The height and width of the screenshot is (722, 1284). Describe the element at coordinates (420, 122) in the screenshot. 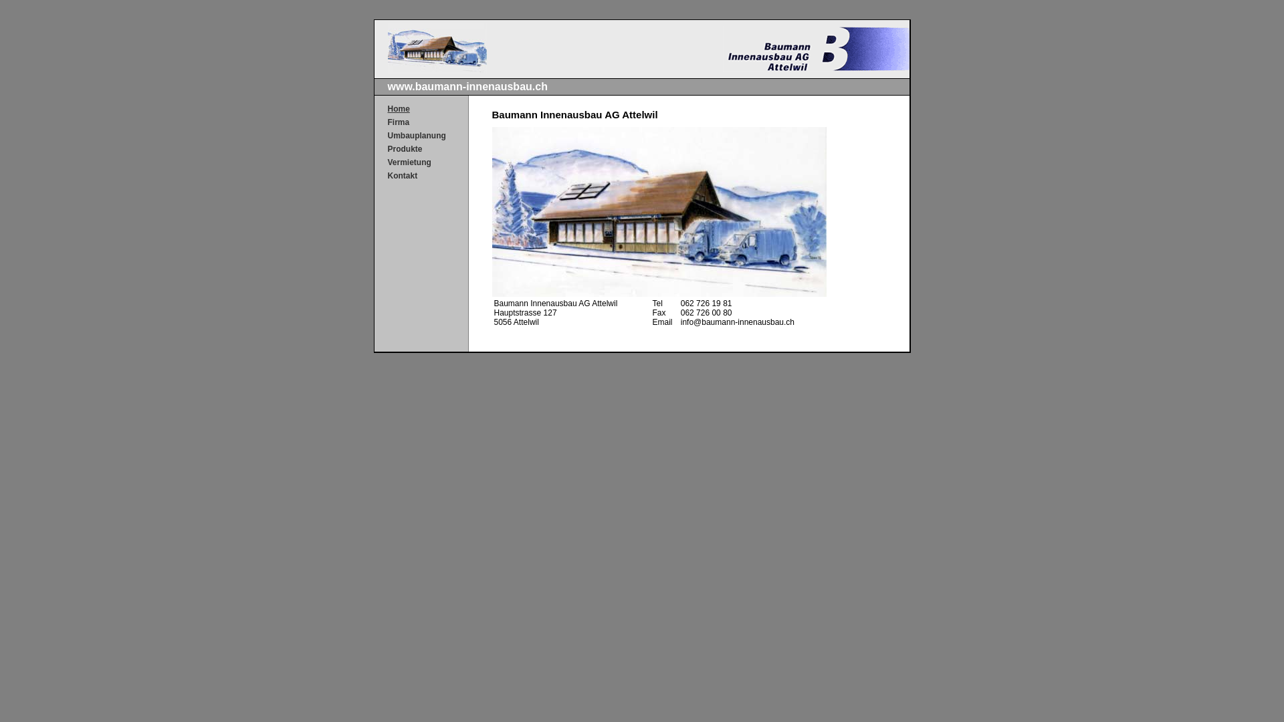

I see `'Firma'` at that location.